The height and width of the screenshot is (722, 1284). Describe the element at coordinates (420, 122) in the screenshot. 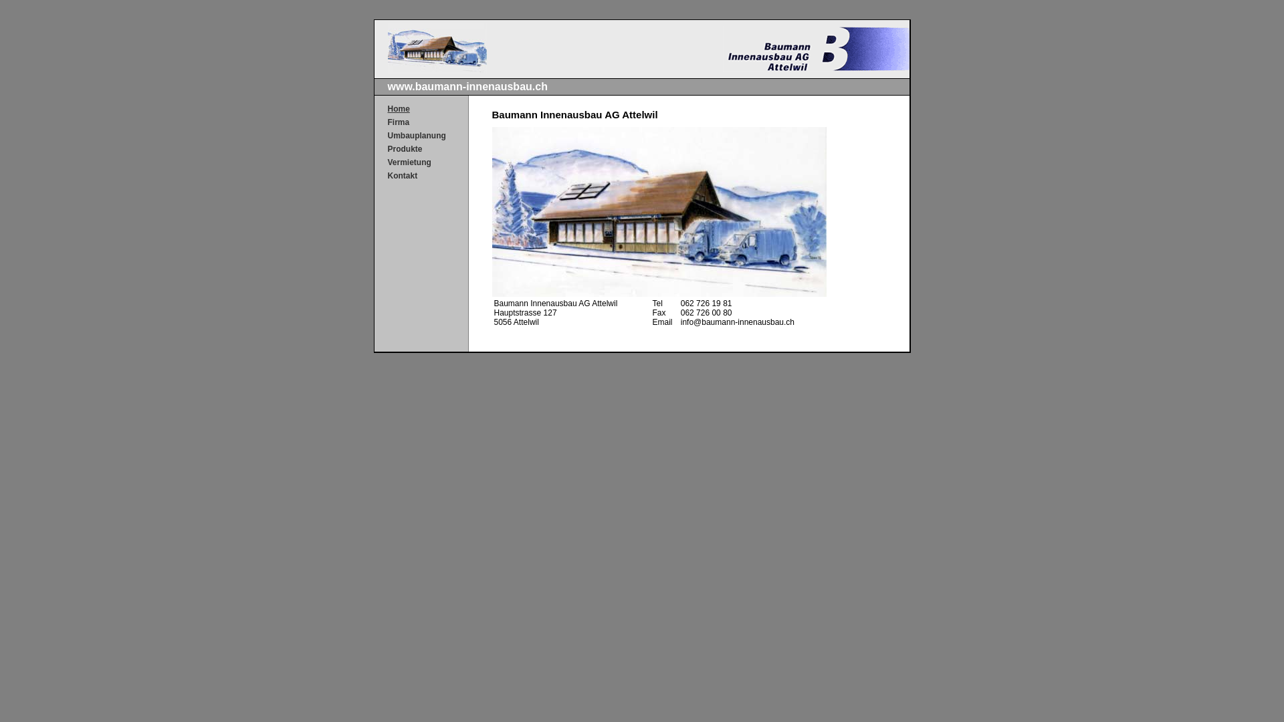

I see `'Firma'` at that location.